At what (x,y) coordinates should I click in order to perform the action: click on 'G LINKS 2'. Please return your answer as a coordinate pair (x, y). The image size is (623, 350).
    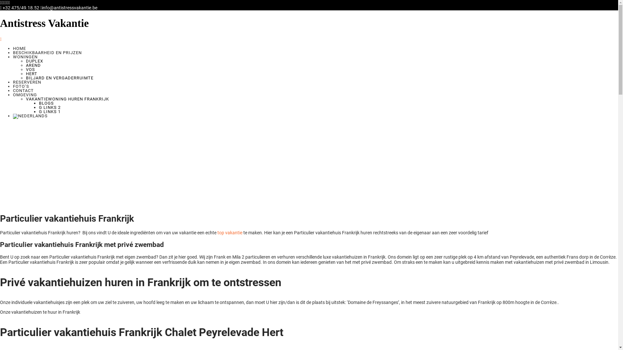
    Looking at the image, I should click on (39, 107).